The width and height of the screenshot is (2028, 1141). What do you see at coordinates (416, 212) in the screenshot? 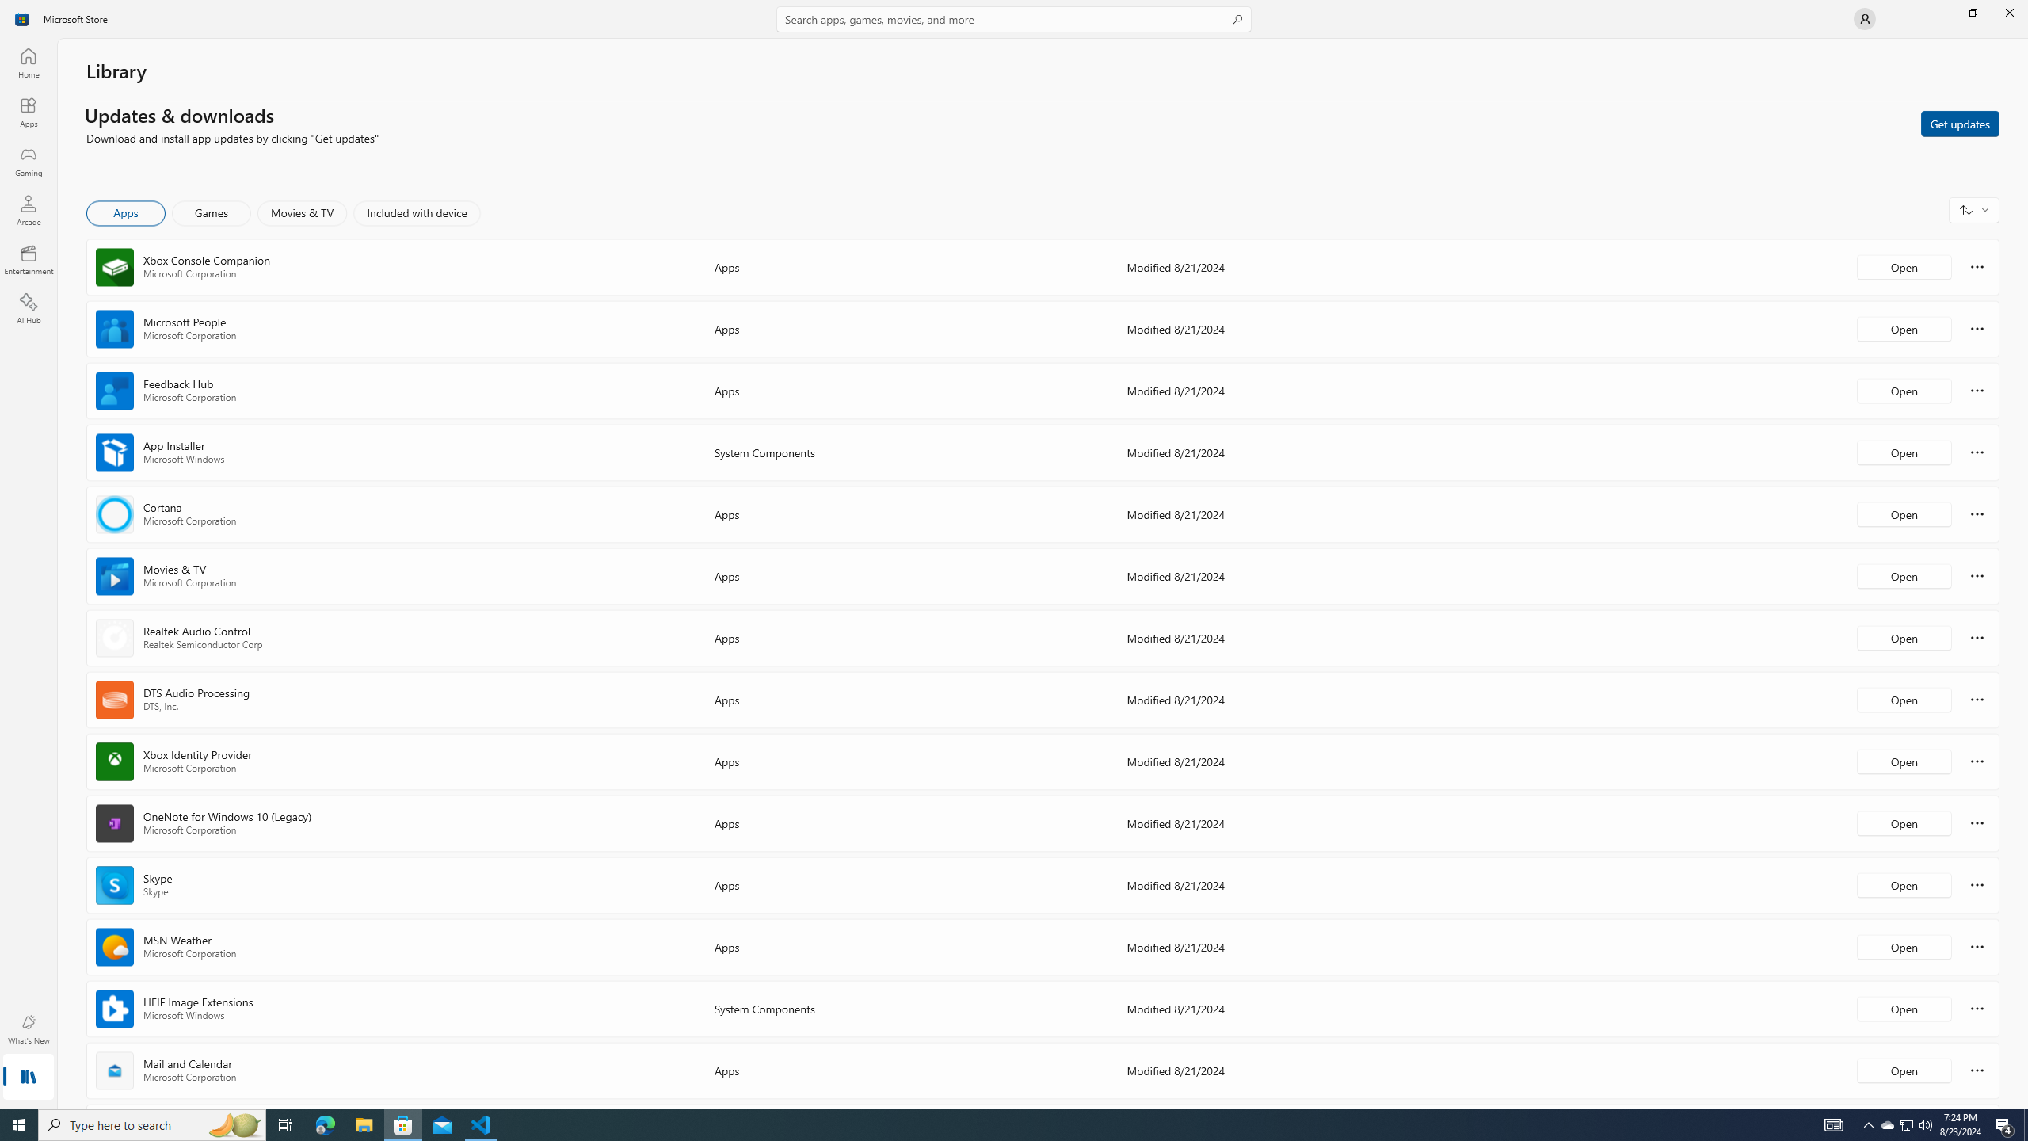
I see `'Included with device'` at bounding box center [416, 212].